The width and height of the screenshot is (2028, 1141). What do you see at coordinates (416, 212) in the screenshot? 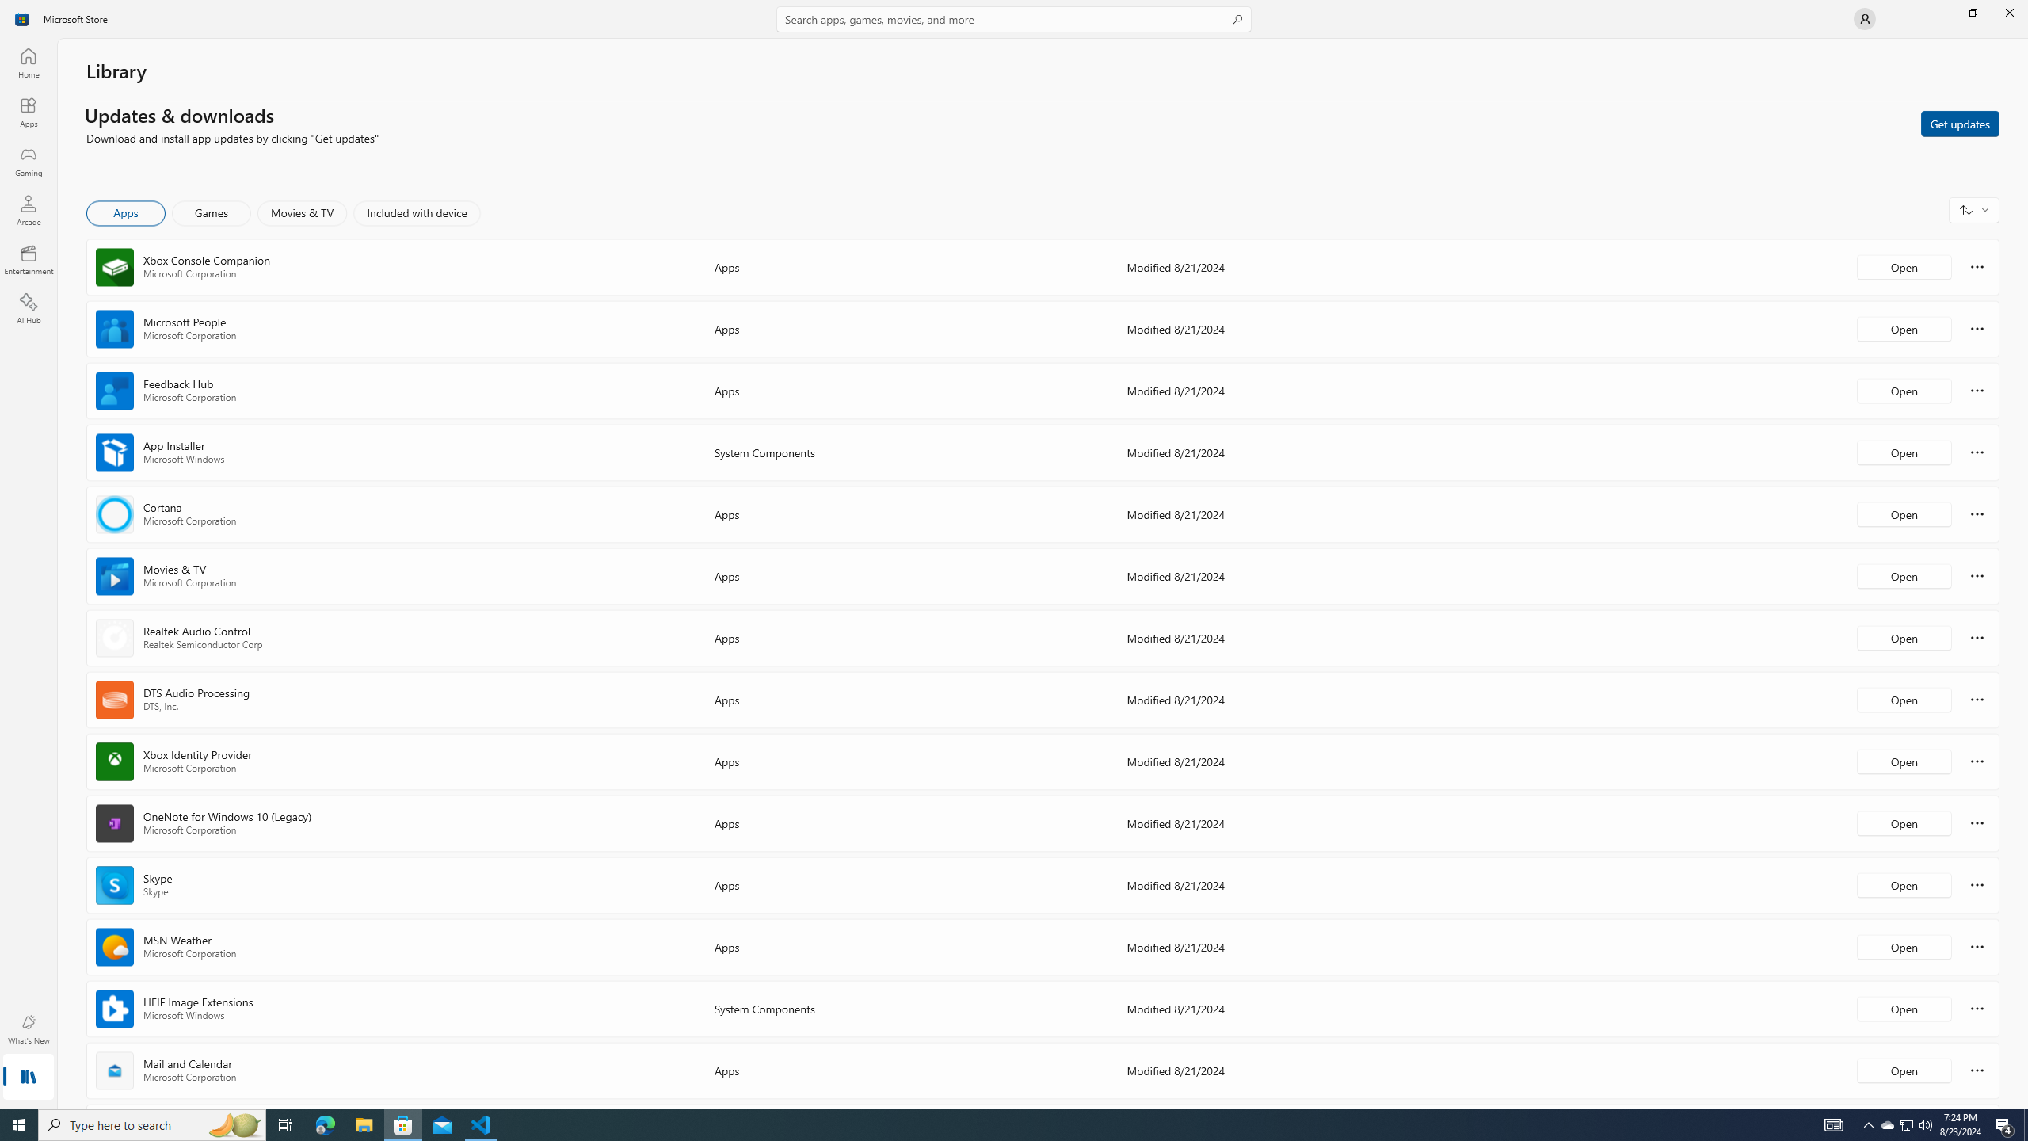
I see `'Included with device'` at bounding box center [416, 212].